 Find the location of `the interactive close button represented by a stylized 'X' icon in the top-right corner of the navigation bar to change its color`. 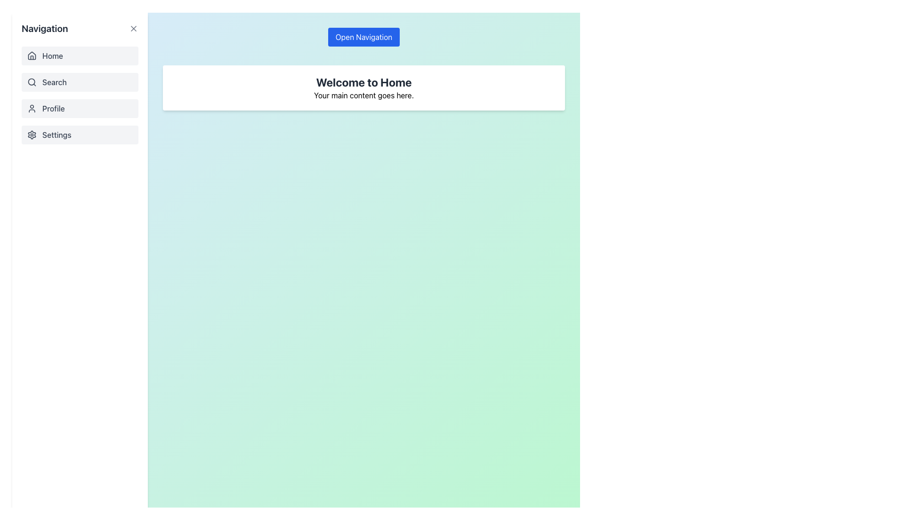

the interactive close button represented by a stylized 'X' icon in the top-right corner of the navigation bar to change its color is located at coordinates (133, 28).